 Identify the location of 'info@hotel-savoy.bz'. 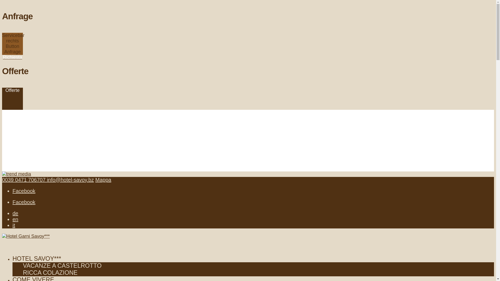
(47, 179).